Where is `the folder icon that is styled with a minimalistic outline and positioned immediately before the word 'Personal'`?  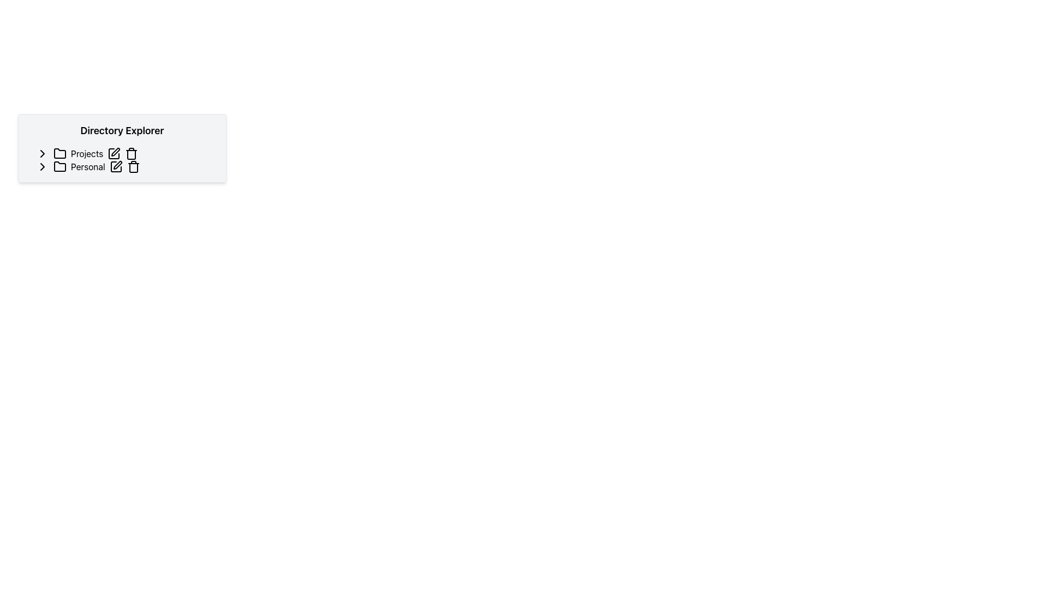 the folder icon that is styled with a minimalistic outline and positioned immediately before the word 'Personal' is located at coordinates (59, 166).